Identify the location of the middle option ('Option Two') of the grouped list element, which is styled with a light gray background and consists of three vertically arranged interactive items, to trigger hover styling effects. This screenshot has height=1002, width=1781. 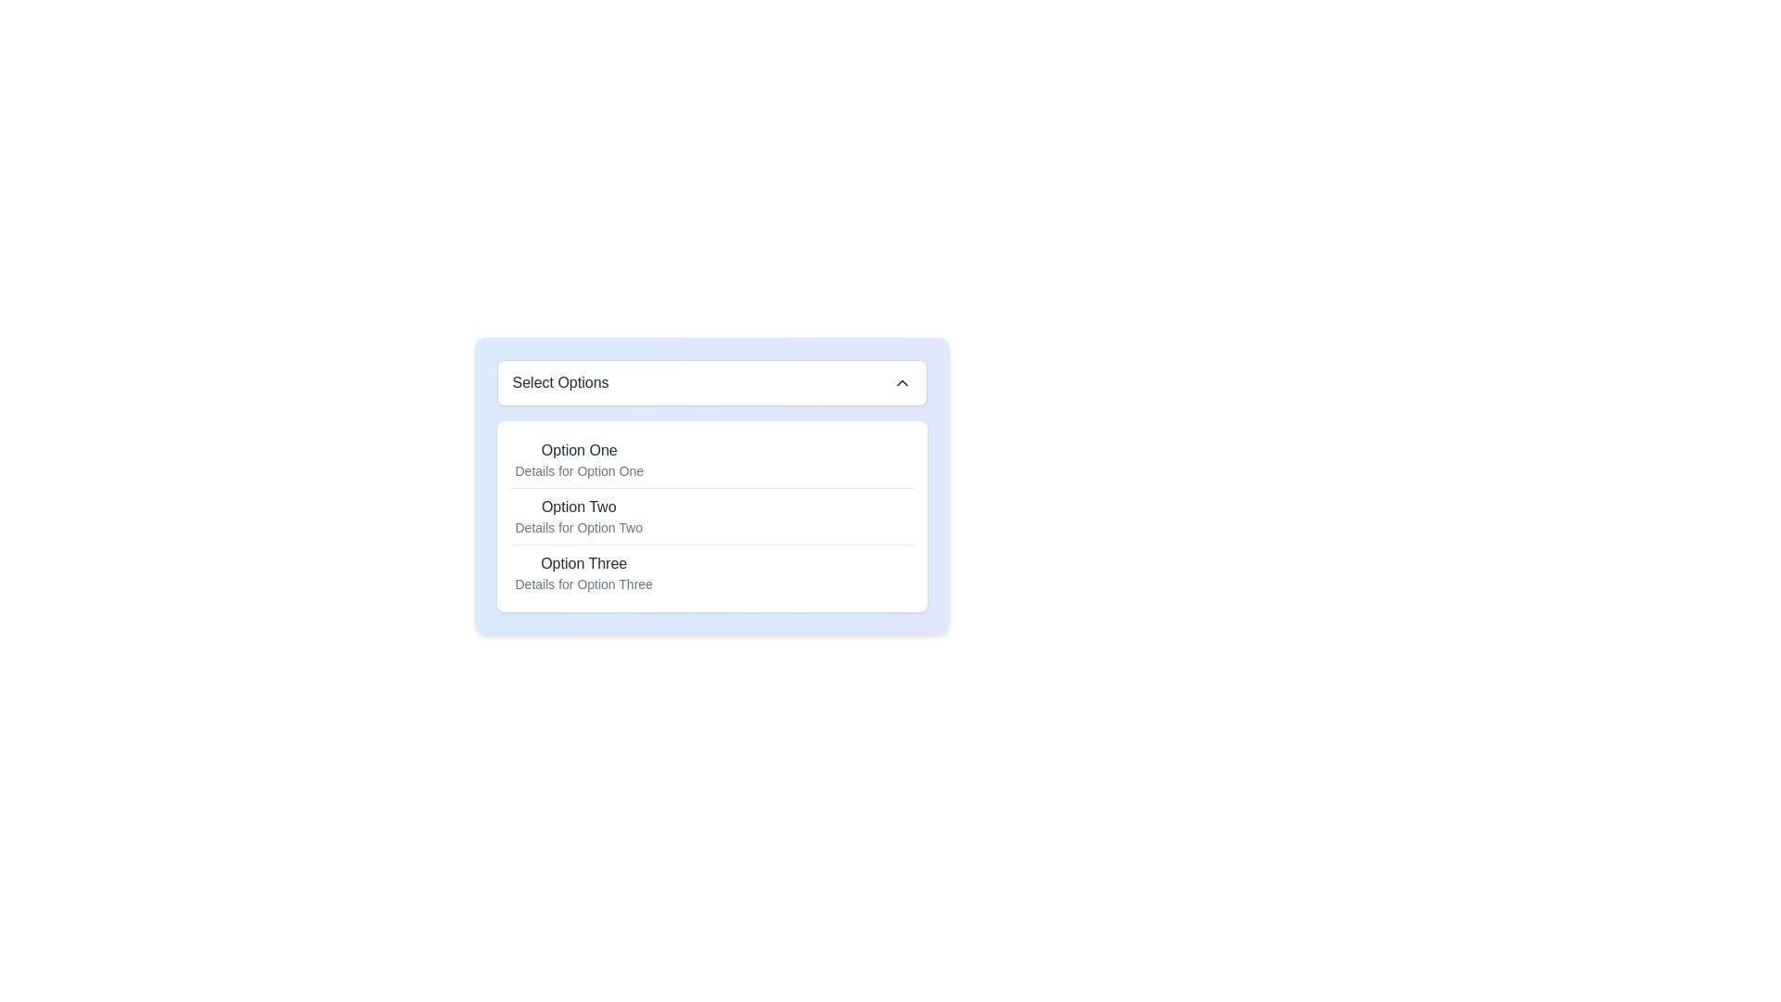
(711, 516).